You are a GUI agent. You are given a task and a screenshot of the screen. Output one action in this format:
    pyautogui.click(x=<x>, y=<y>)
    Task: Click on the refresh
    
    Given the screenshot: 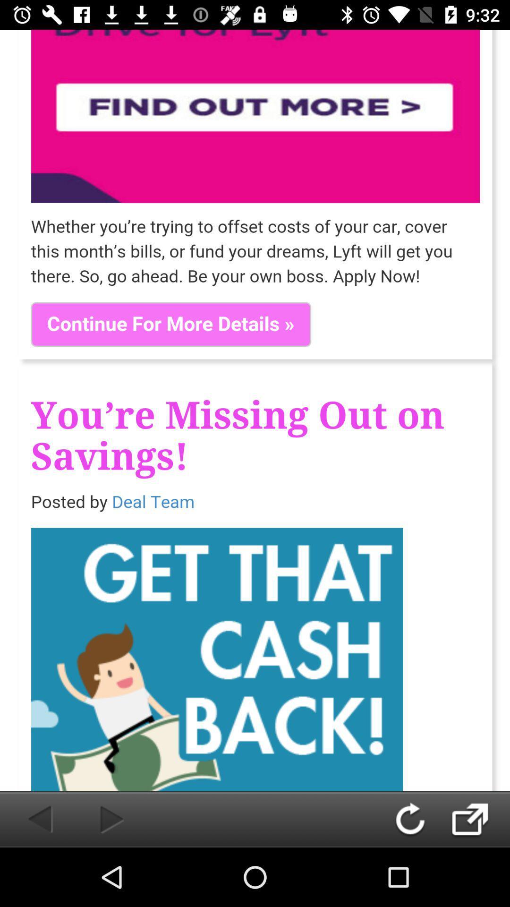 What is the action you would take?
    pyautogui.click(x=419, y=819)
    